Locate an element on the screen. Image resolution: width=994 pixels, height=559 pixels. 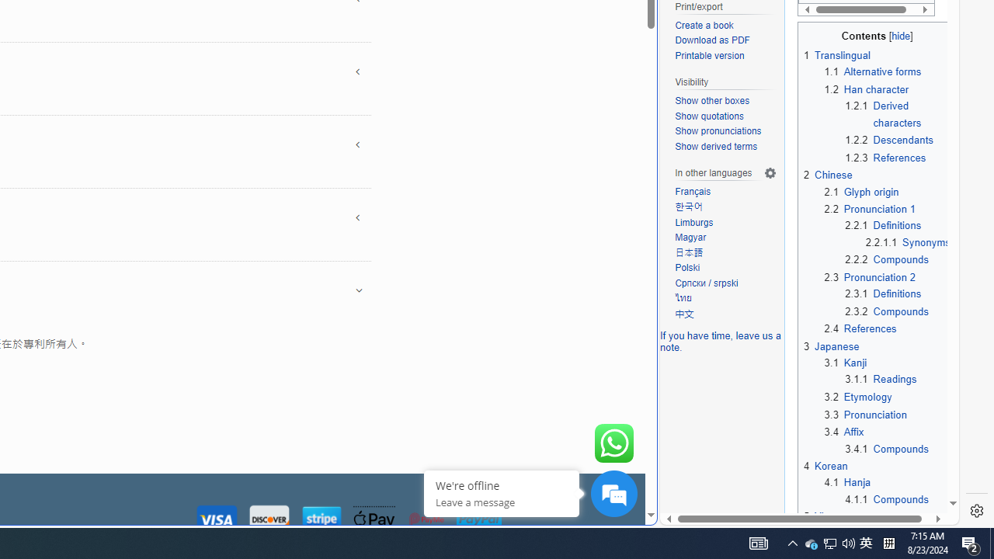
'4.1.1 Compounds' is located at coordinates (887, 498).